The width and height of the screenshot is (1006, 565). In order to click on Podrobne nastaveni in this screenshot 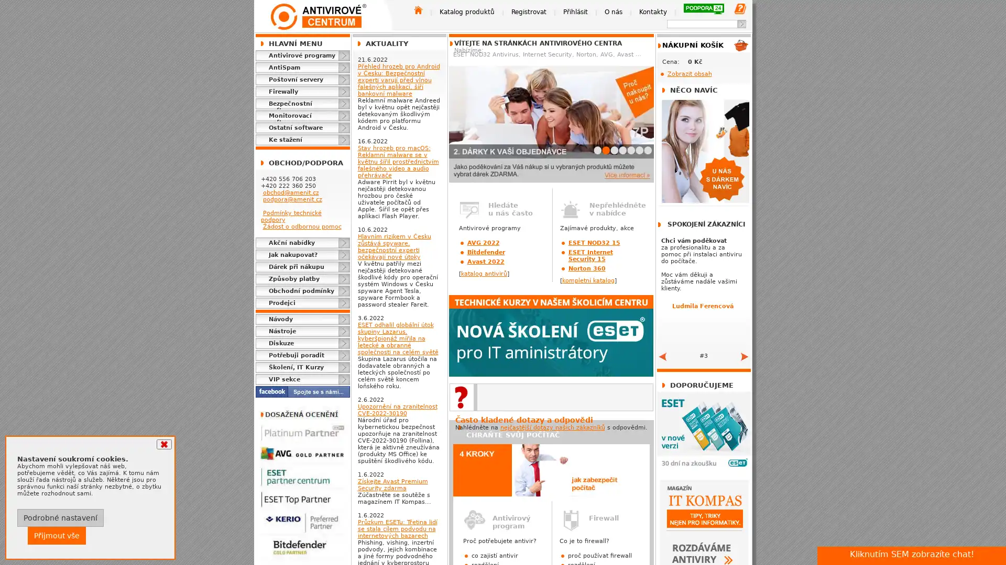, I will do `click(60, 518)`.